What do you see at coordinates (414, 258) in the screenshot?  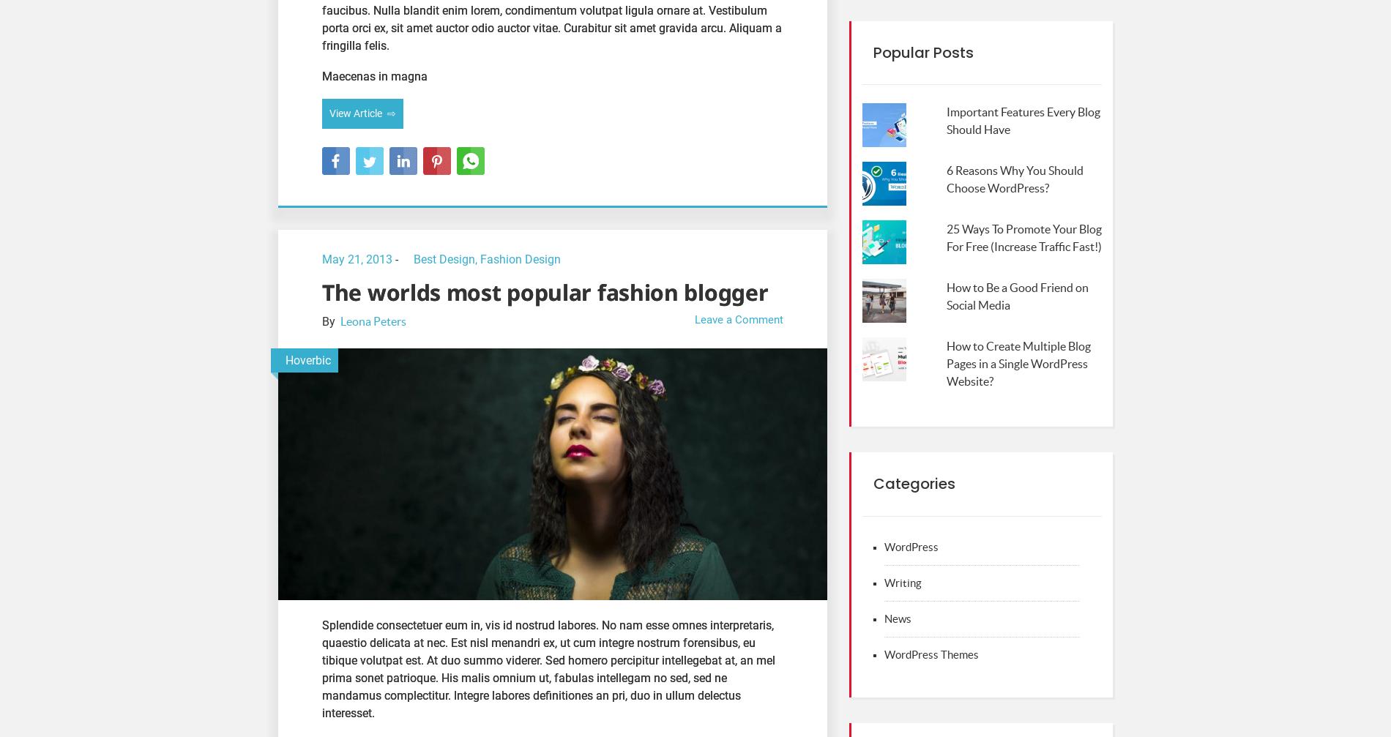 I see `'Best Design'` at bounding box center [414, 258].